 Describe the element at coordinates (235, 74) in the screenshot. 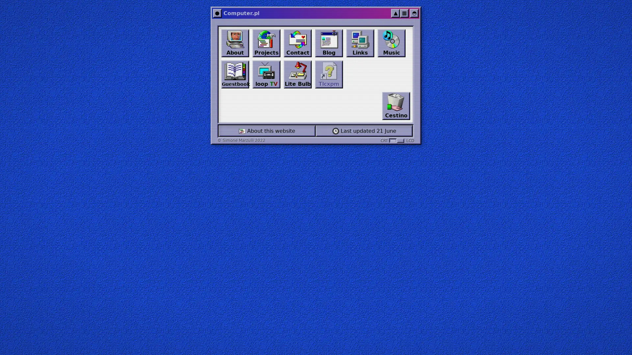

I see `guestbook Guestbook` at that location.